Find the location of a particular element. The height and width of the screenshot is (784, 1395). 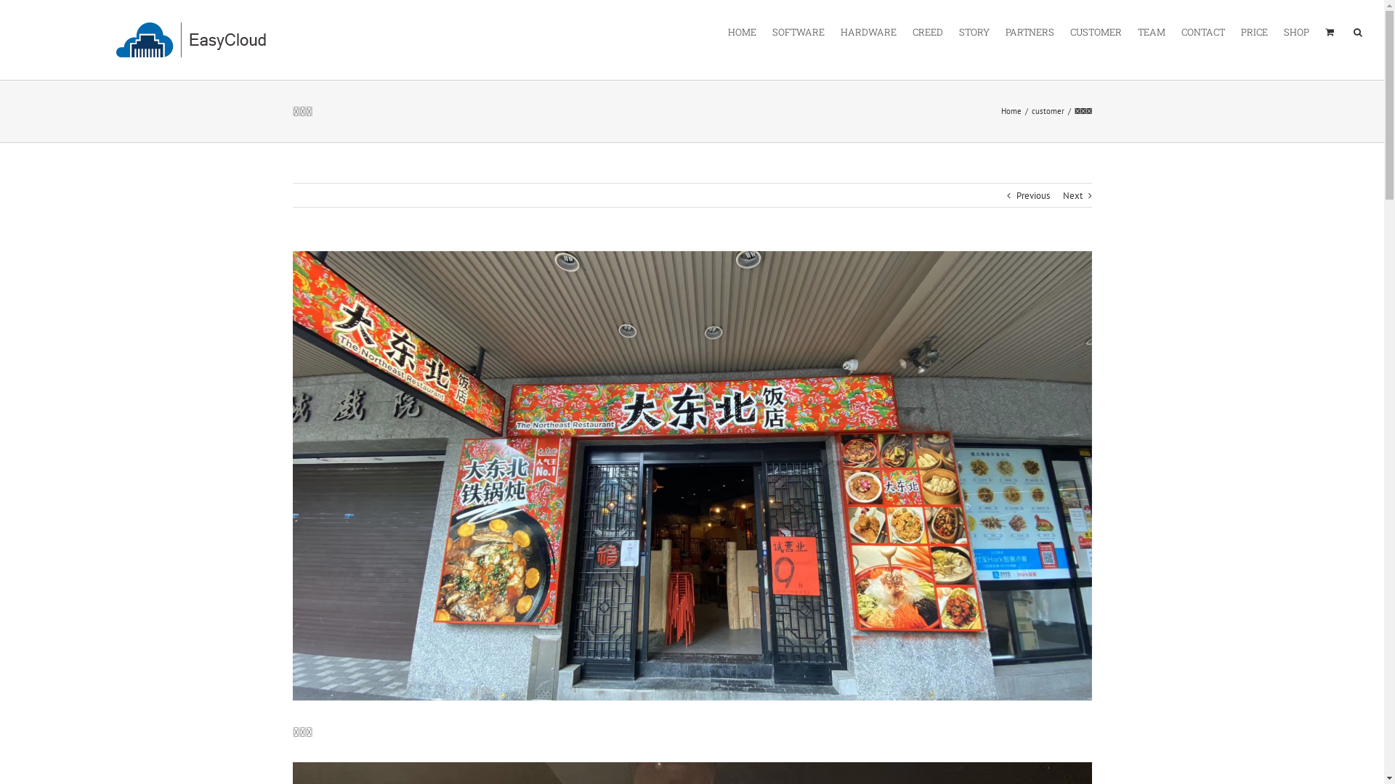

'CUSTOMER' is located at coordinates (1096, 30).